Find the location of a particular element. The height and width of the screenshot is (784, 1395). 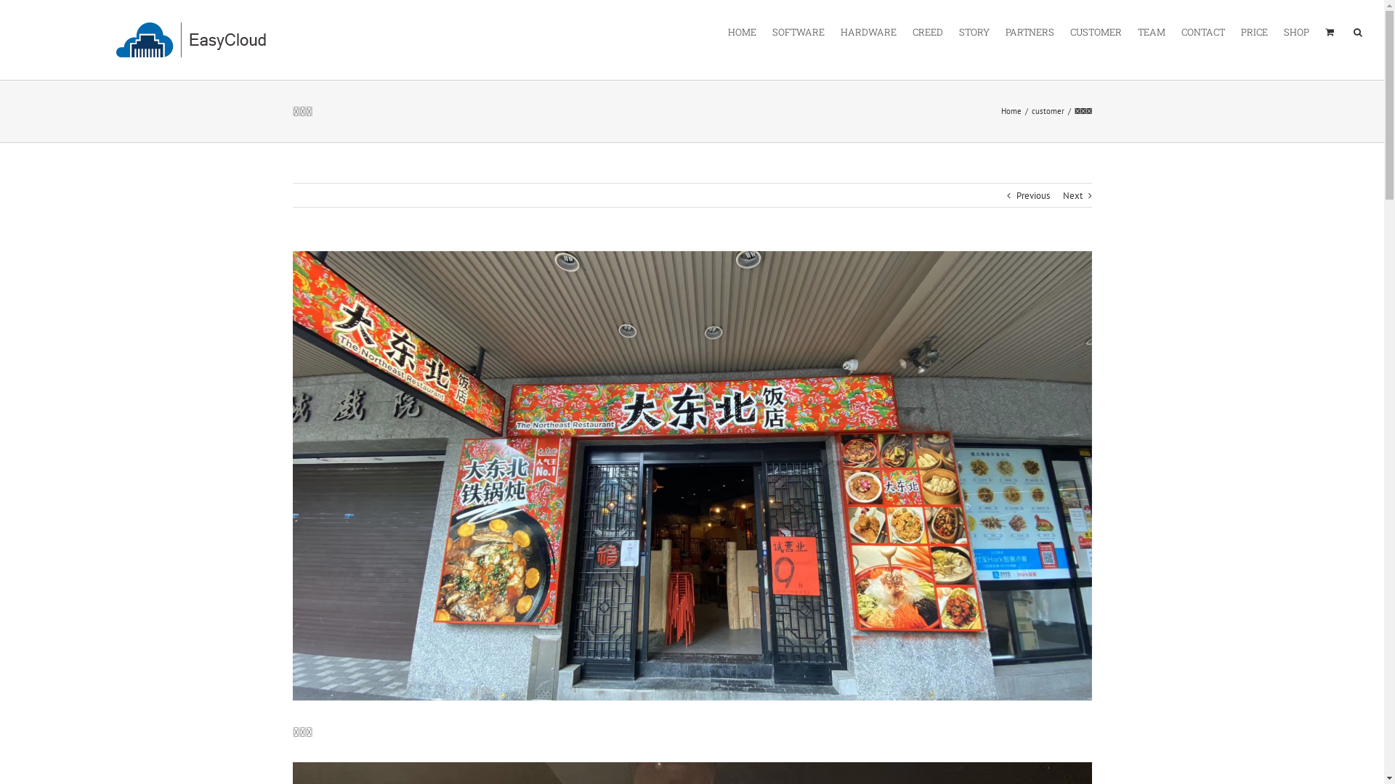

'CUSTOMER' is located at coordinates (1096, 30).